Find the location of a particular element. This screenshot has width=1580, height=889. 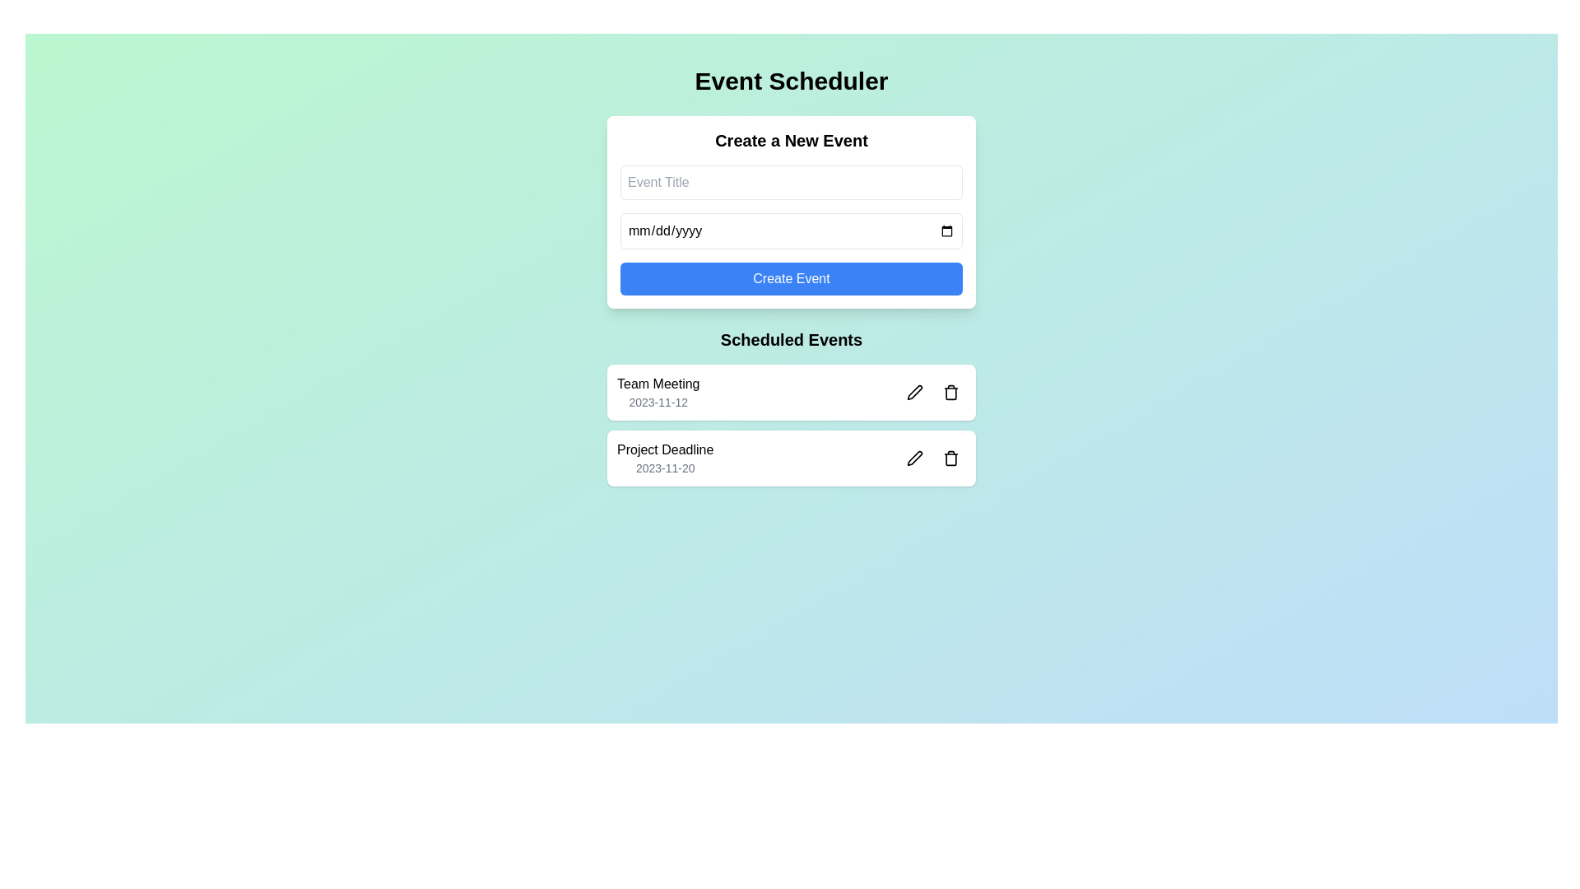

the informational text label for the scheduled event located in the 'Scheduled Events' section, inside the first card from the top, above the date '2023-11-12' is located at coordinates (658, 384).